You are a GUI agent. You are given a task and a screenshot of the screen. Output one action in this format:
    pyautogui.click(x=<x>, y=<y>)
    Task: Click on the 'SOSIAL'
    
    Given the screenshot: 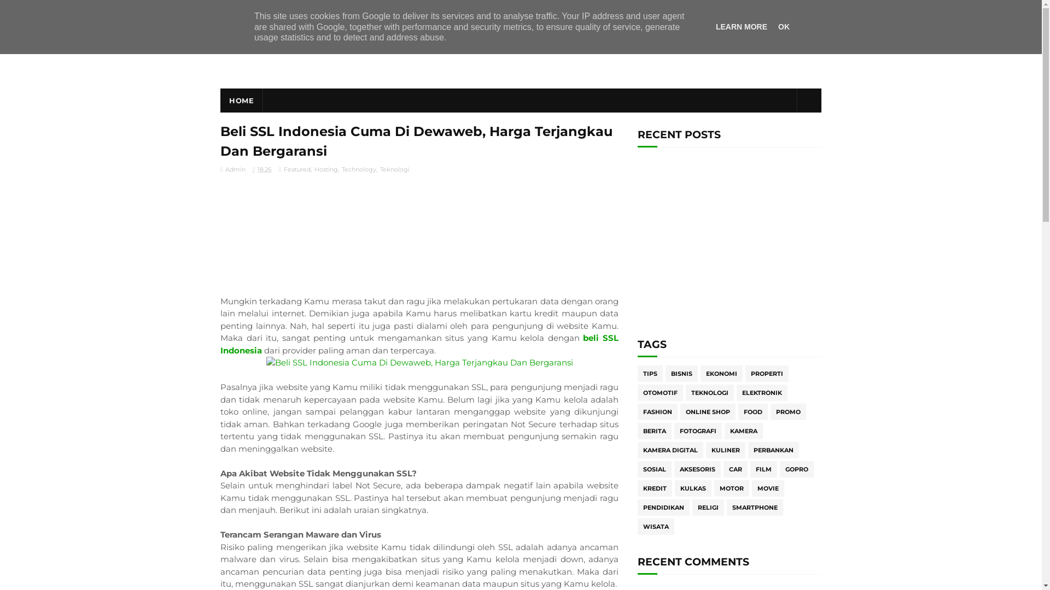 What is the action you would take?
    pyautogui.click(x=654, y=469)
    